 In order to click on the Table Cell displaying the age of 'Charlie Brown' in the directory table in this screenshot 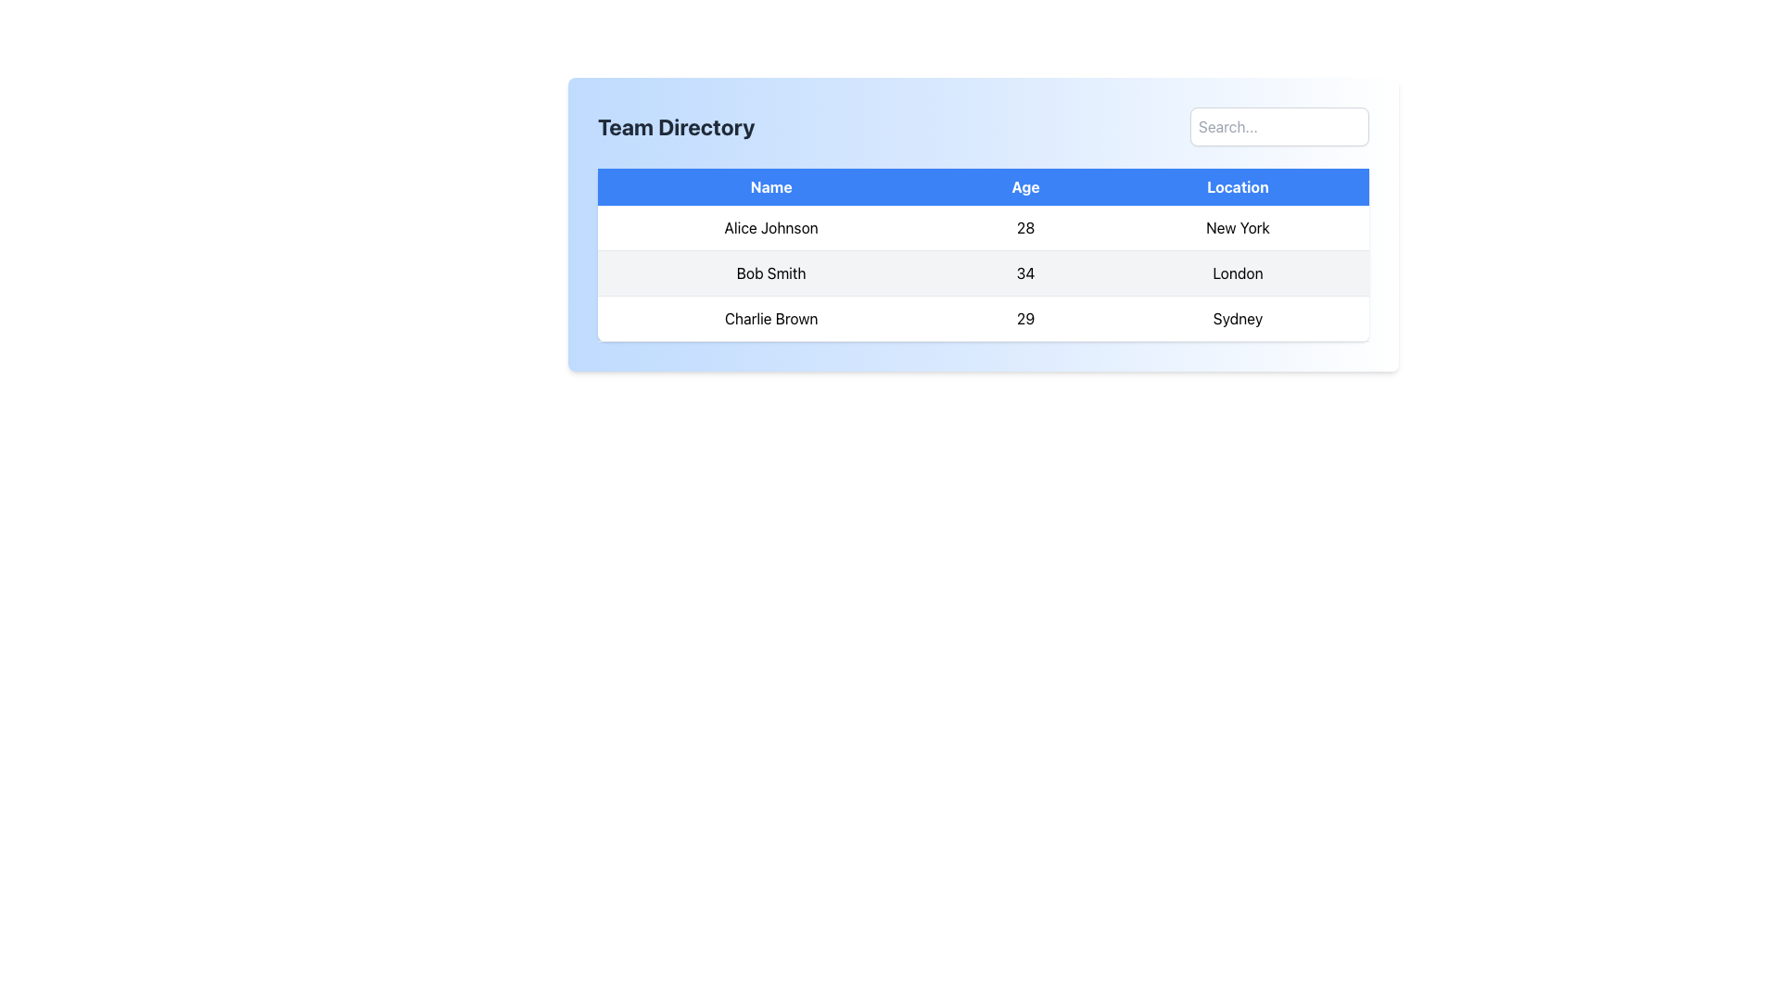, I will do `click(1024, 317)`.